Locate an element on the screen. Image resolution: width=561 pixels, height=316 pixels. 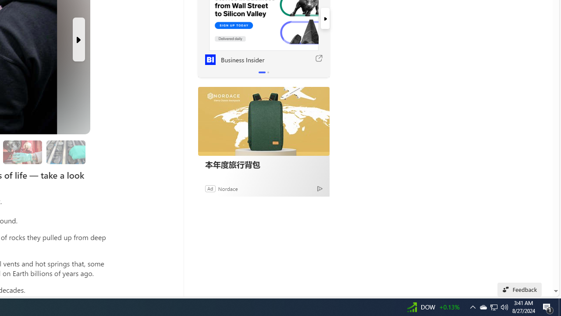
'Researchers are still studying the samples' is located at coordinates (65, 152).